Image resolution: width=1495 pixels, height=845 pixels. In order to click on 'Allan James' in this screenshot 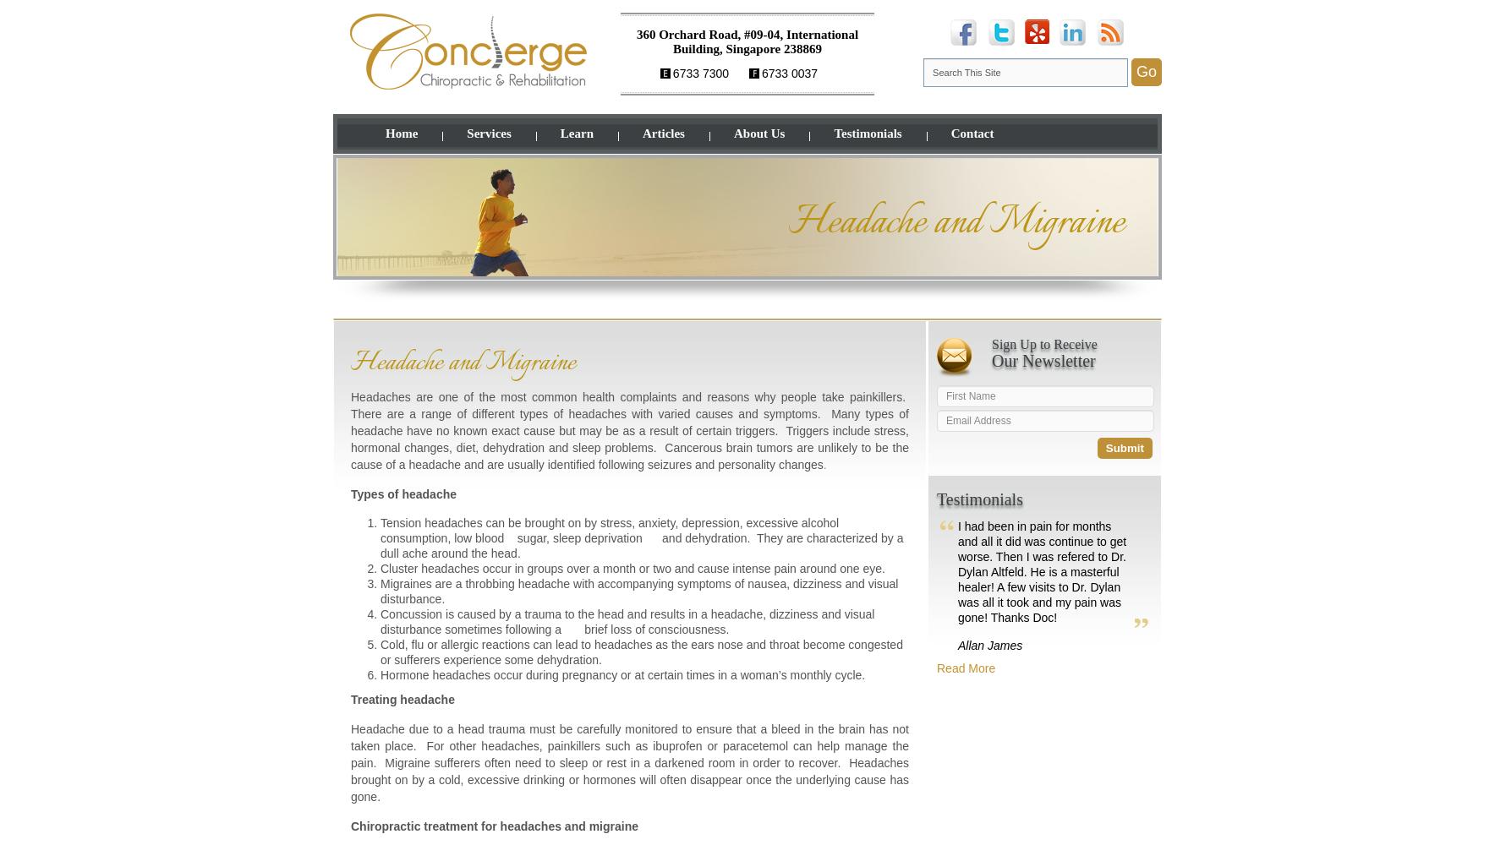, I will do `click(989, 646)`.